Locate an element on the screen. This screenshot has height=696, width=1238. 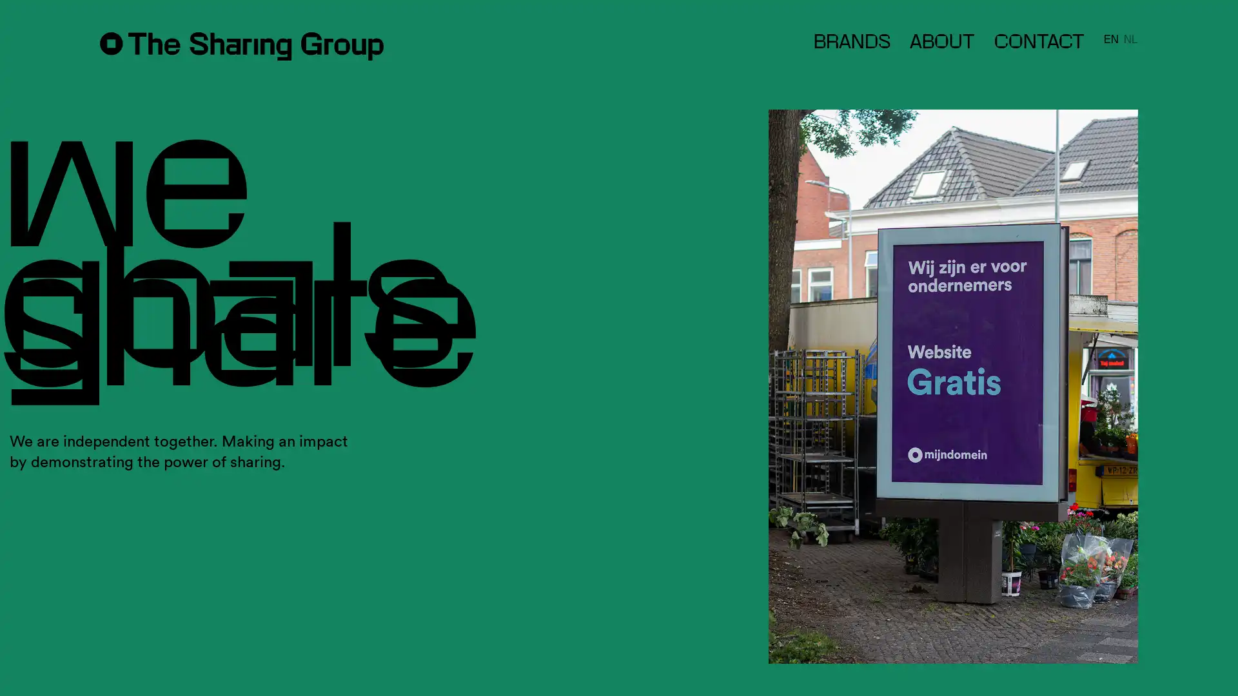
Subscribe is located at coordinates (1064, 524).